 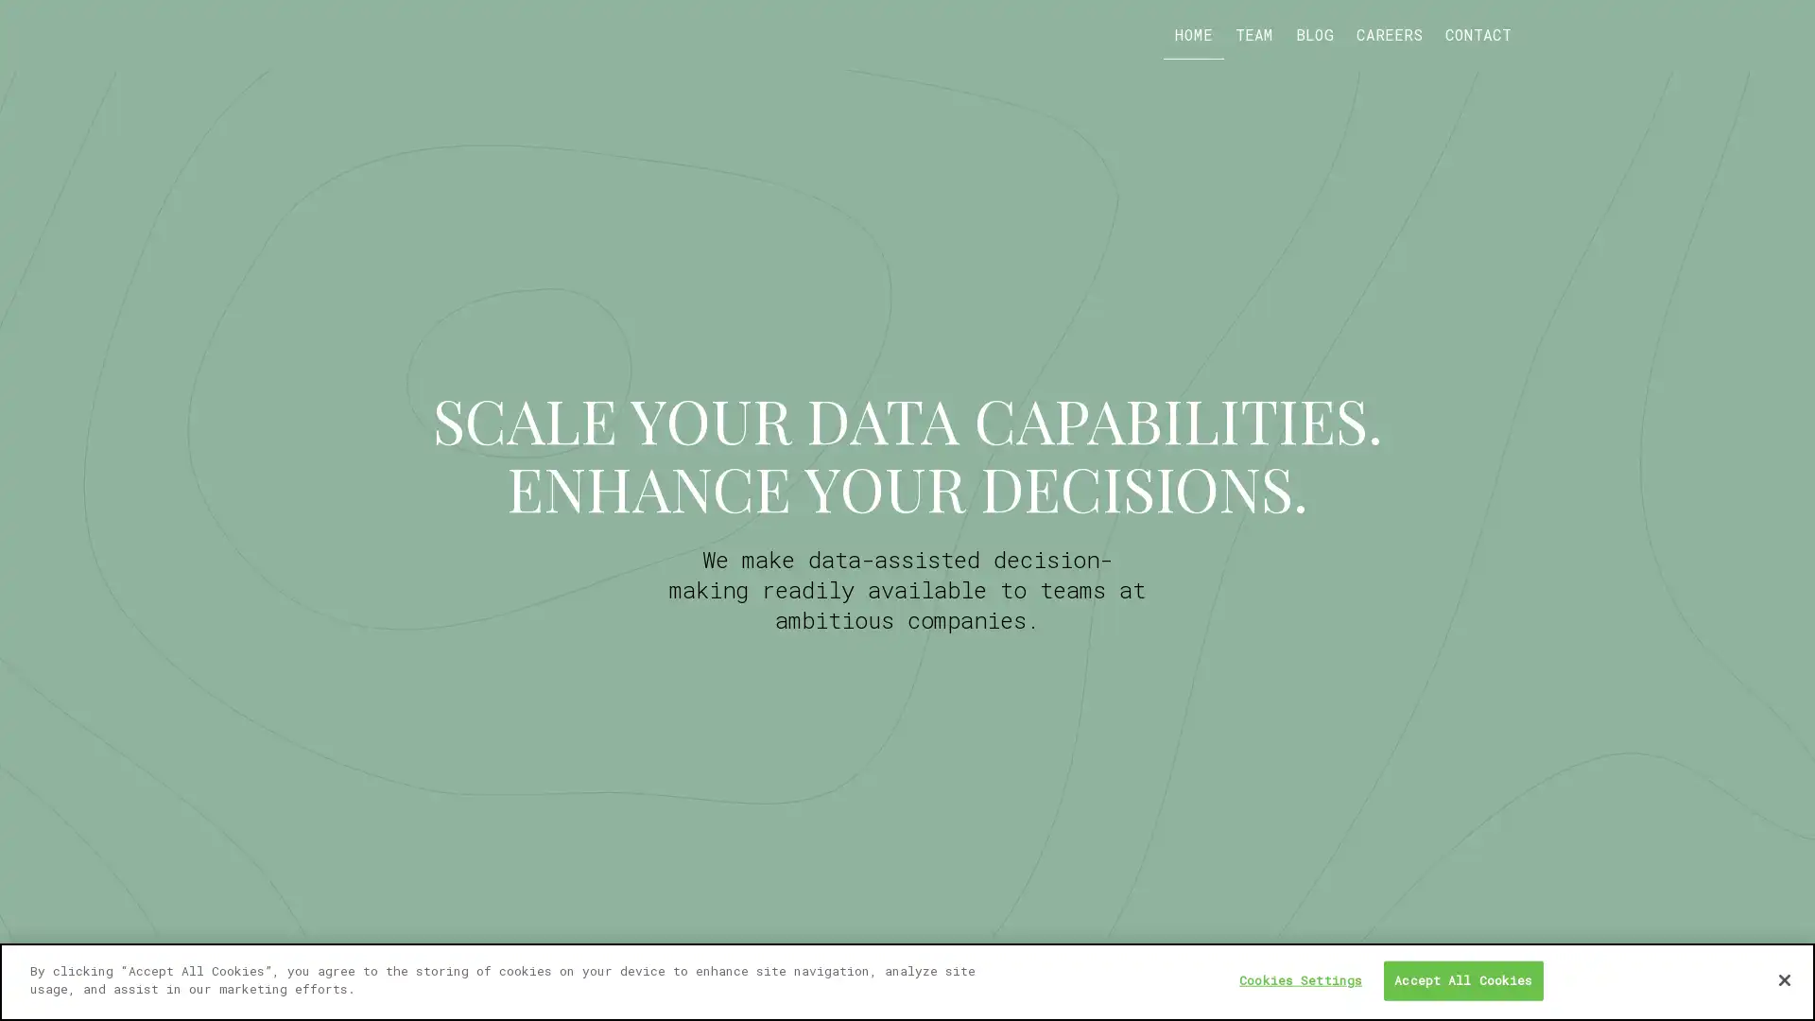 I want to click on Accept All Cookies, so click(x=1461, y=979).